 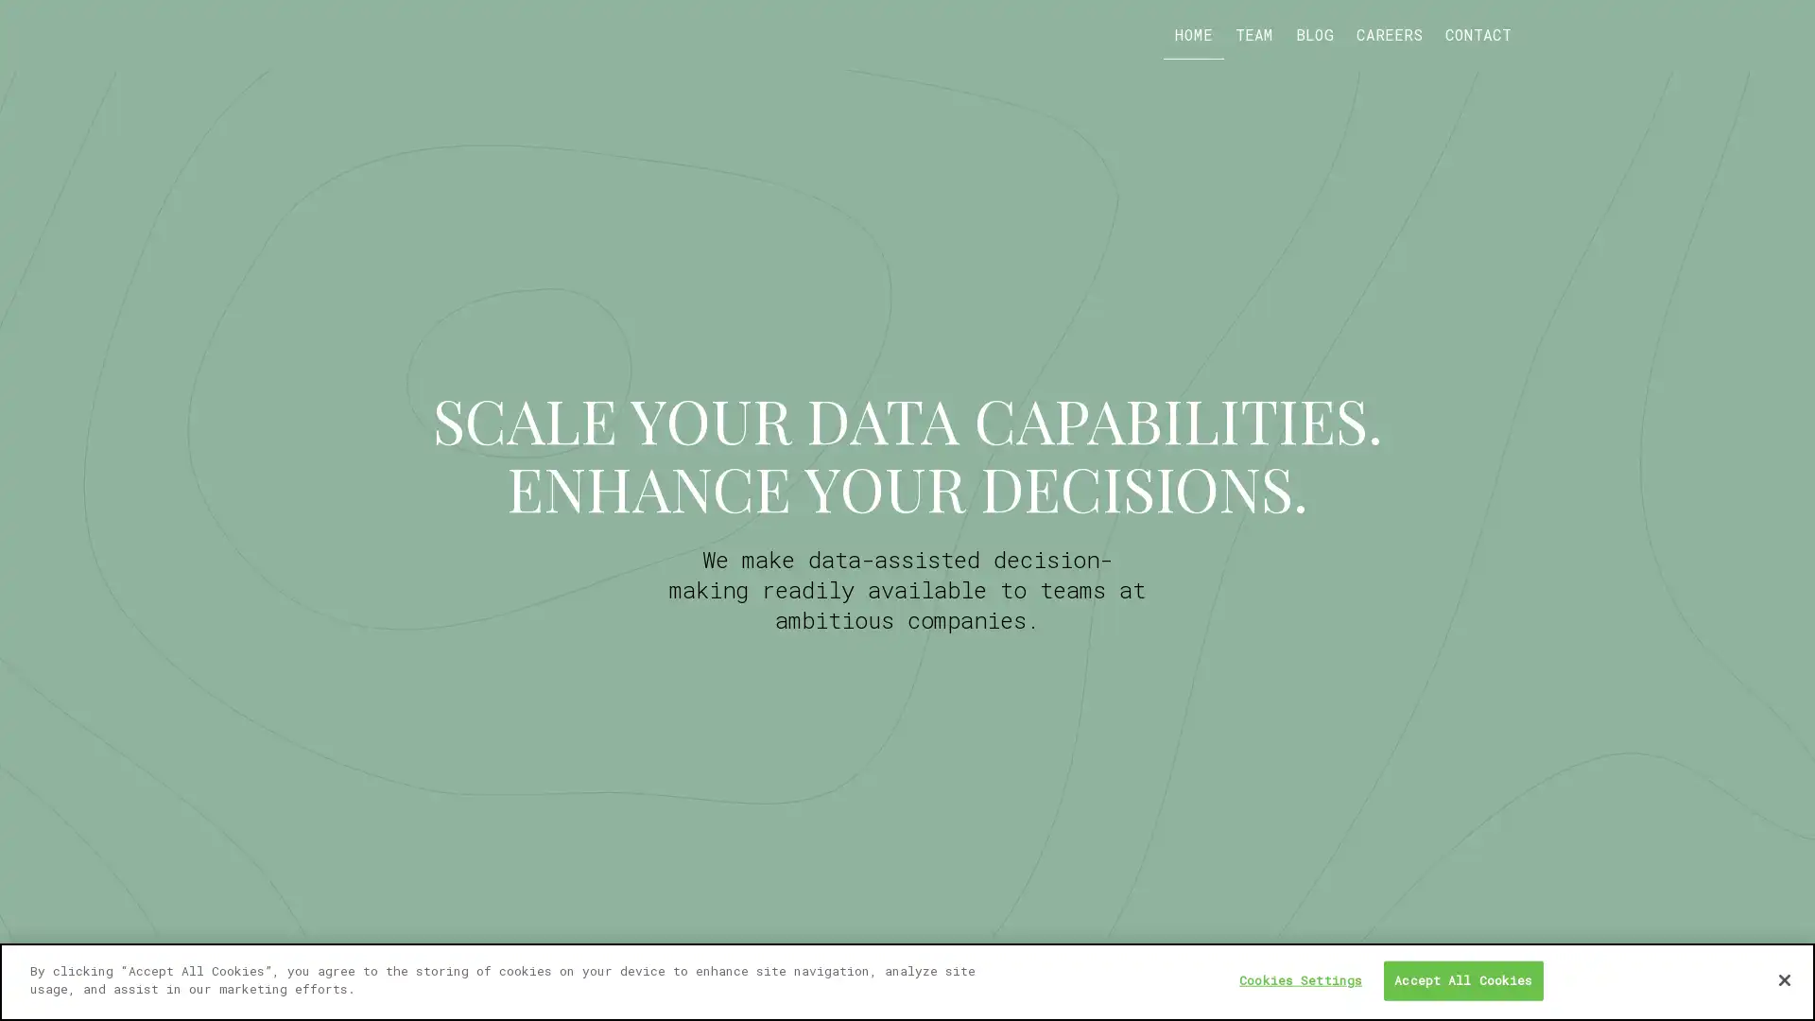 I want to click on Accept All Cookies, so click(x=1461, y=979).